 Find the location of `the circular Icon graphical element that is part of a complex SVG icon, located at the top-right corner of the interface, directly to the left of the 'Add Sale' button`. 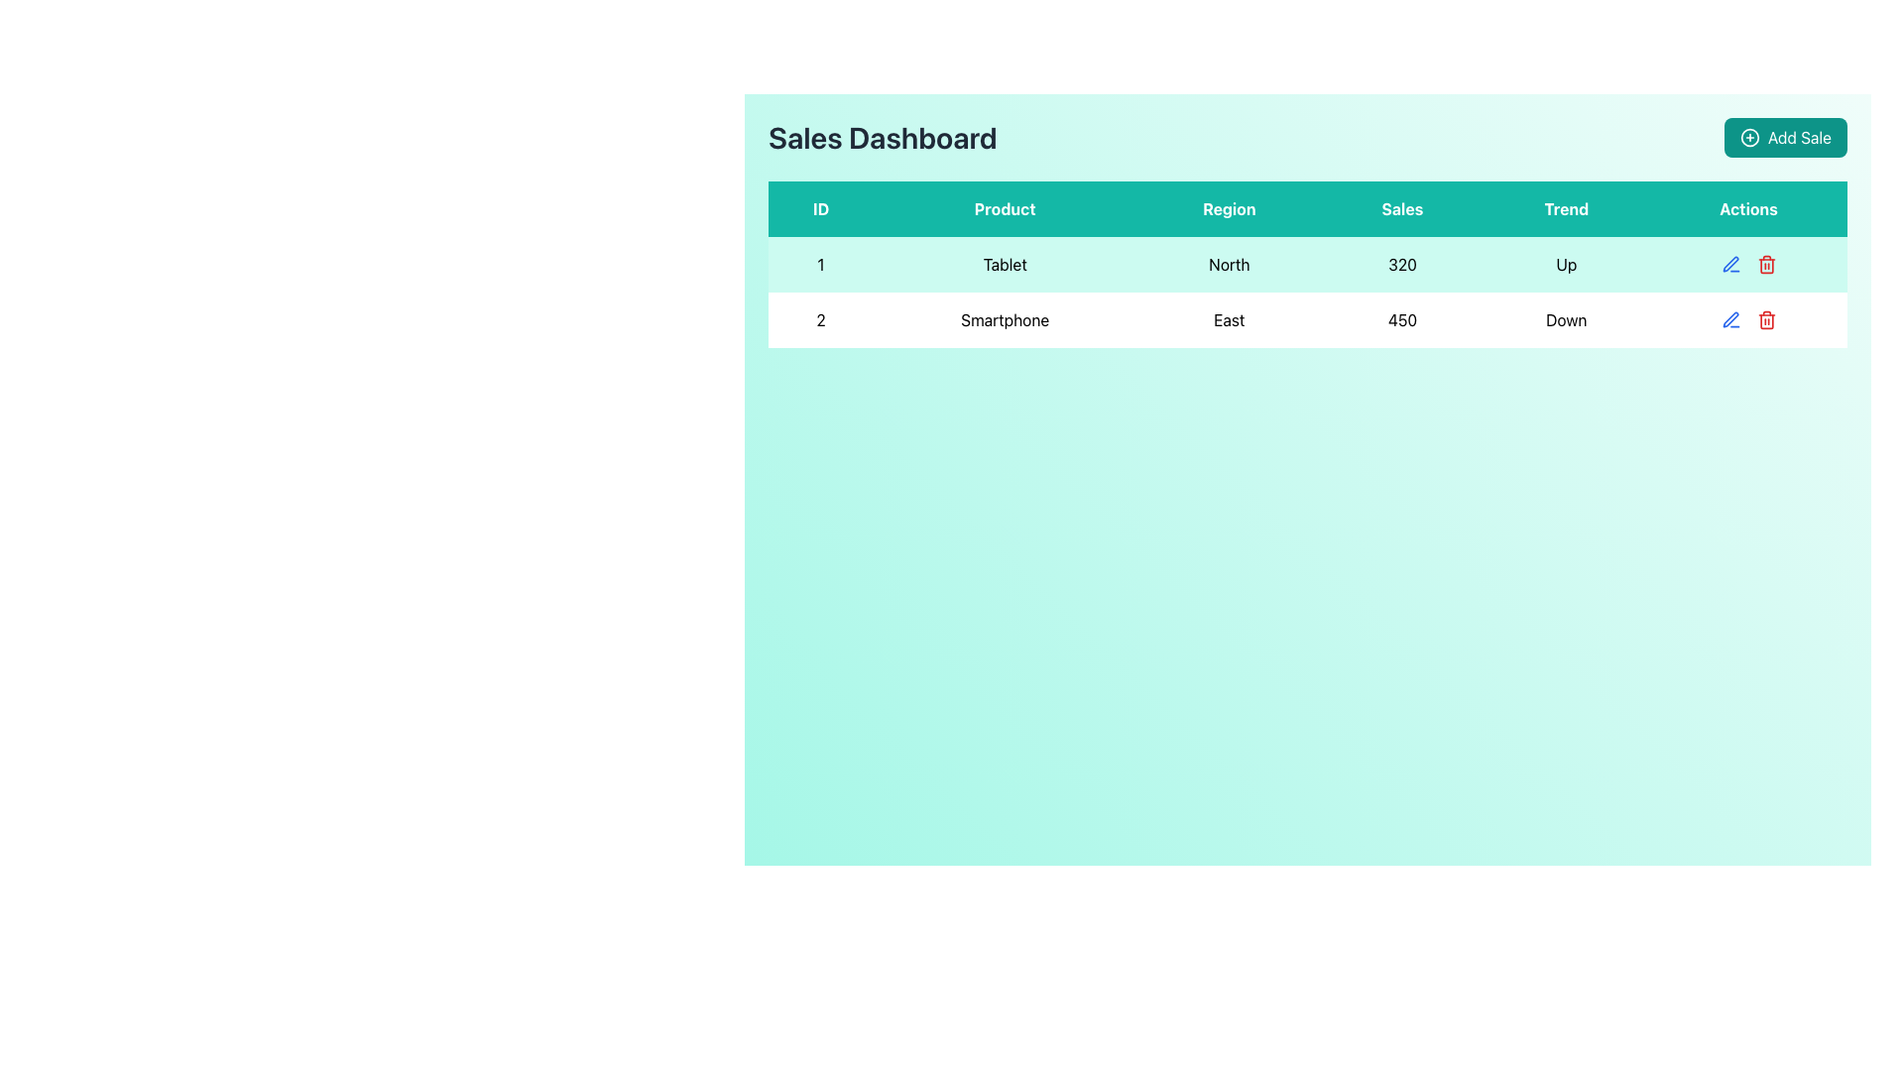

the circular Icon graphical element that is part of a complex SVG icon, located at the top-right corner of the interface, directly to the left of the 'Add Sale' button is located at coordinates (1749, 136).